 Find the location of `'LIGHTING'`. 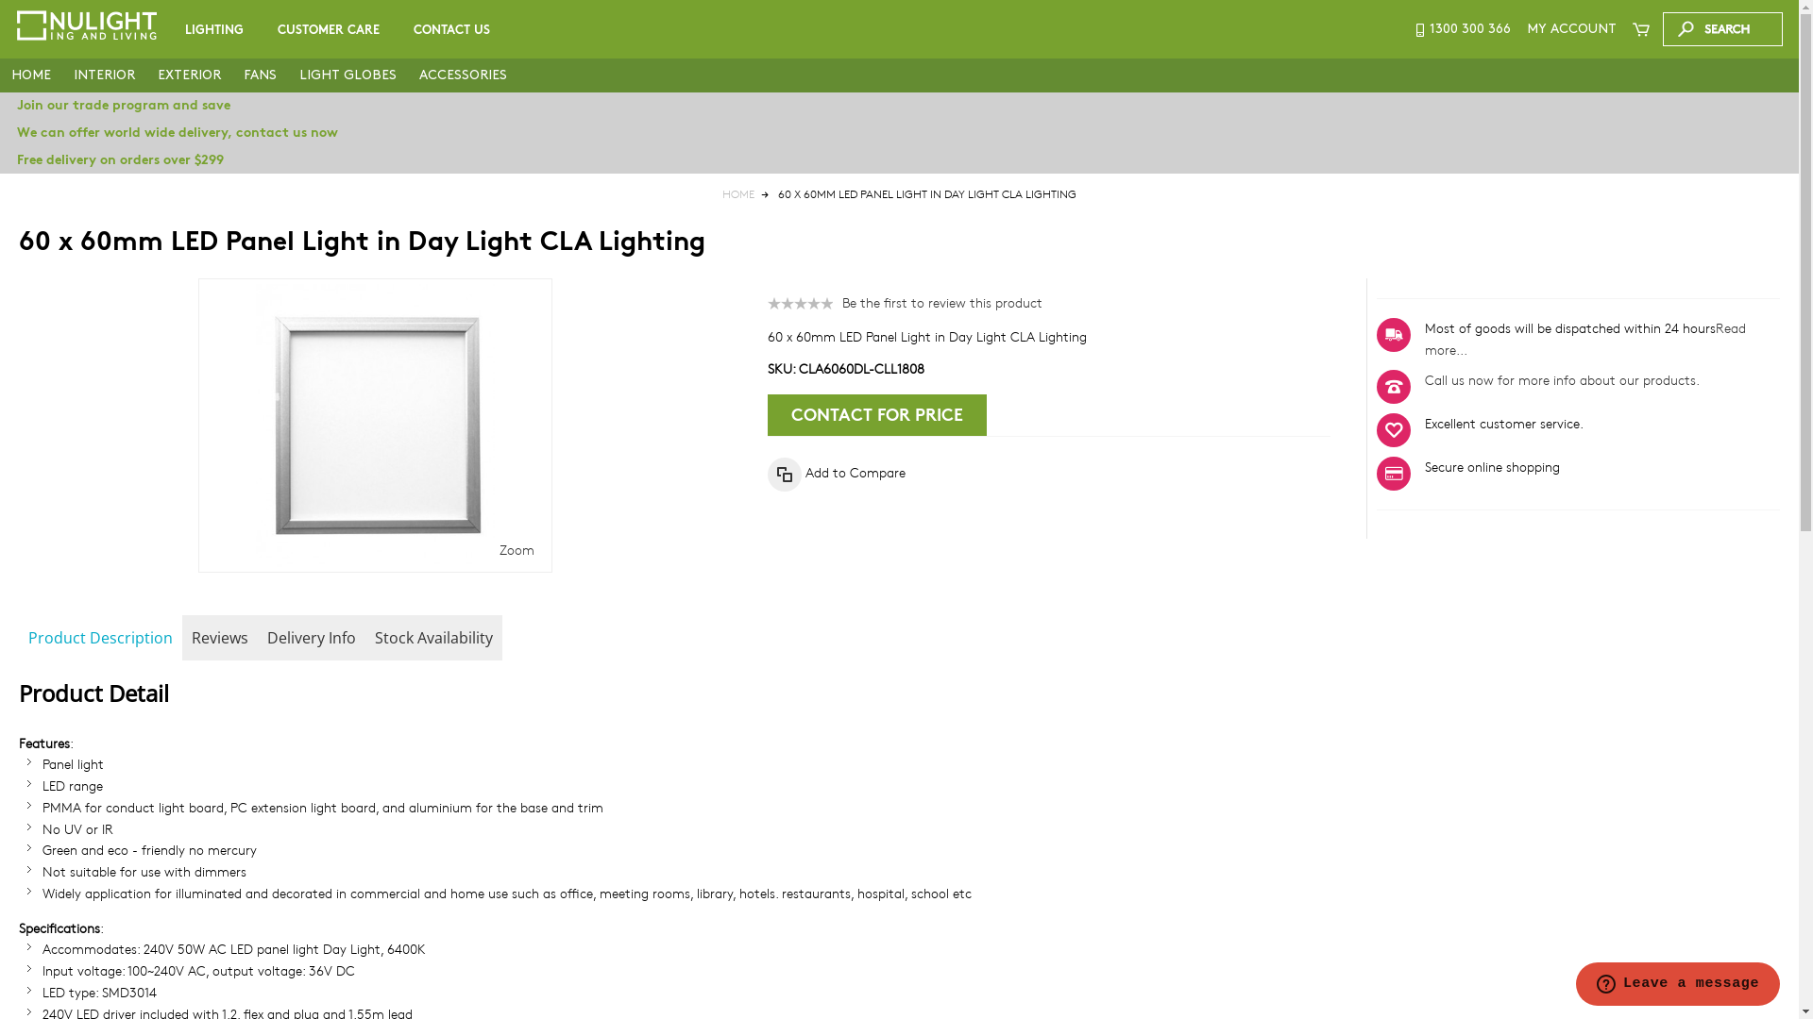

'LIGHTING' is located at coordinates (170, 29).